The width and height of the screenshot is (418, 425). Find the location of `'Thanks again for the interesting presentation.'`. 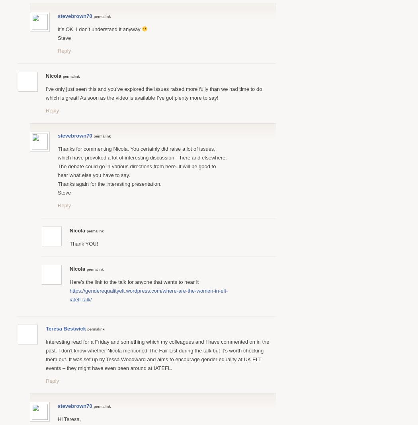

'Thanks again for the interesting presentation.' is located at coordinates (57, 183).